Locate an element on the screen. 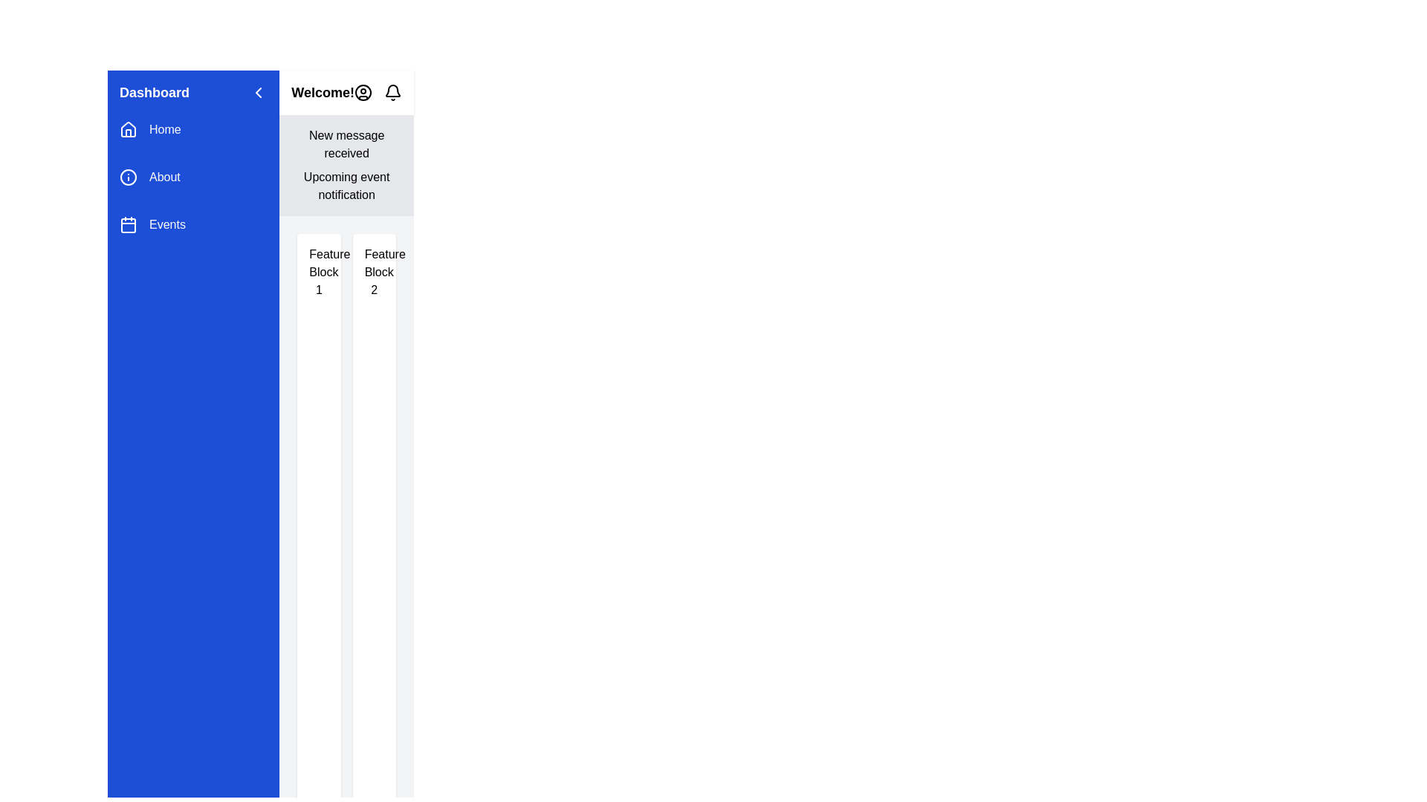  the left-pointing chevron SVG graphic in the top left sidebar is located at coordinates (259, 92).